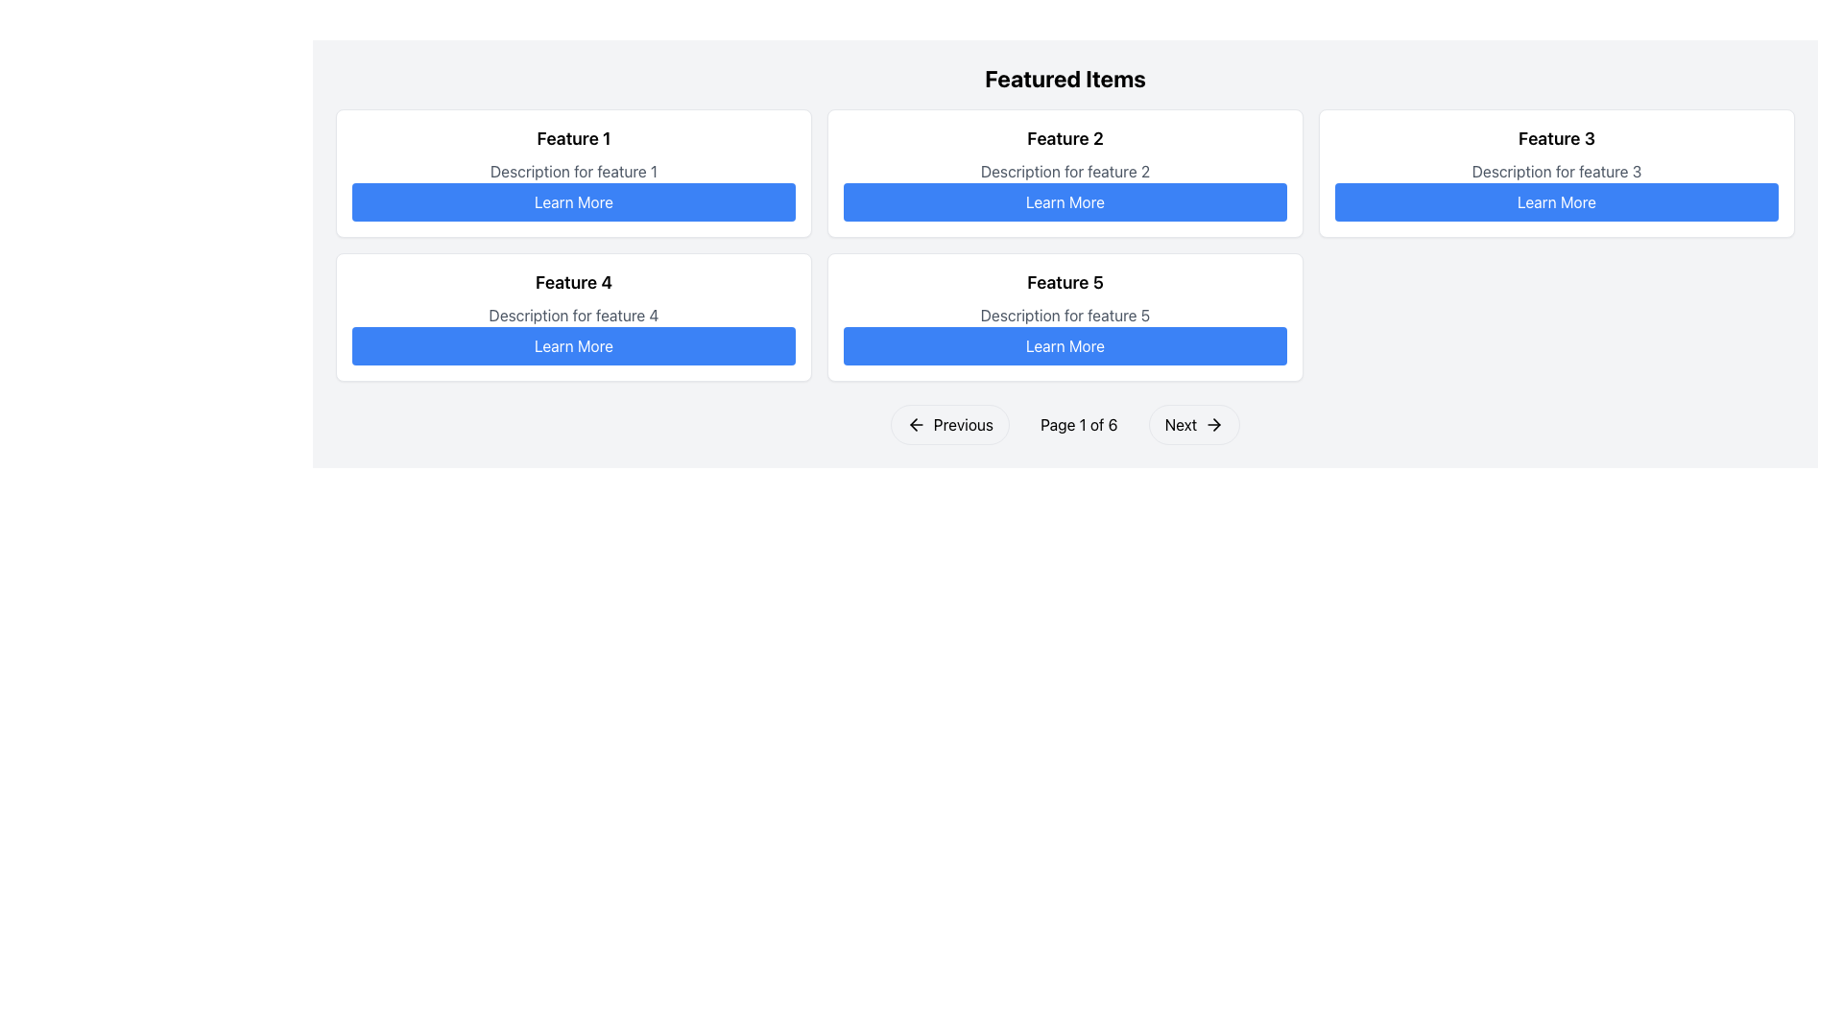 Image resolution: width=1843 pixels, height=1036 pixels. Describe the element at coordinates (573, 170) in the screenshot. I see `the textual component displaying 'Description for feature 1', which is styled in gray and located below the title 'Feature 1' and above the 'Learn More' button in the first card of the grid layout` at that location.